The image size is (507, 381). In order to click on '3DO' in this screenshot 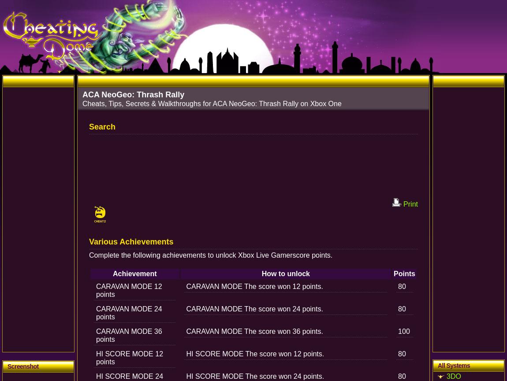, I will do `click(454, 376)`.